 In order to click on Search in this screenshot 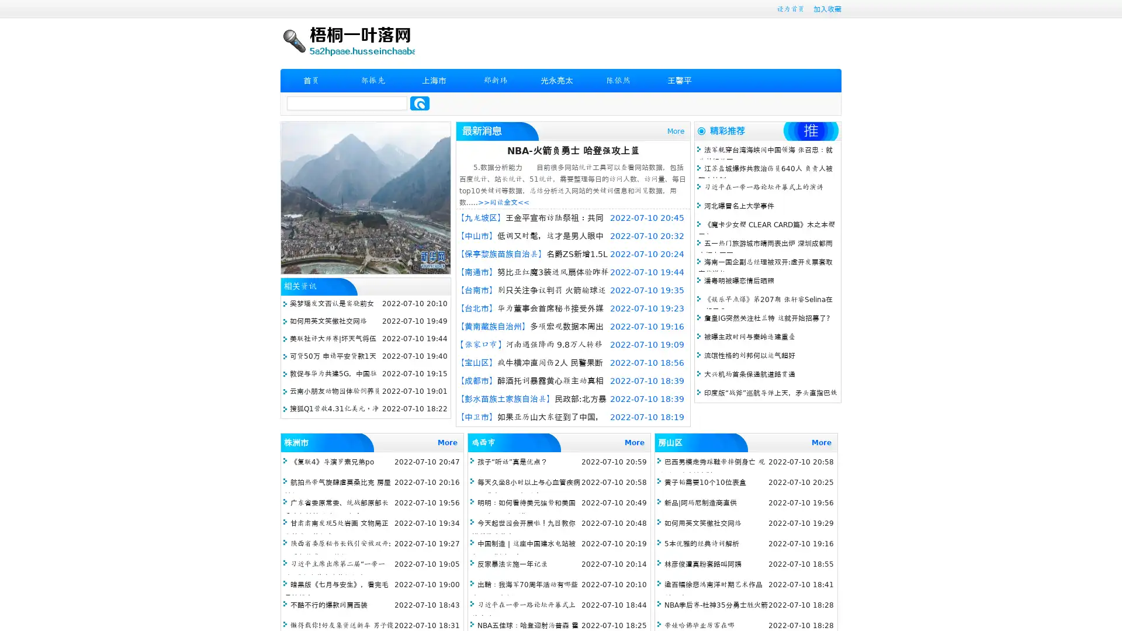, I will do `click(420, 103)`.